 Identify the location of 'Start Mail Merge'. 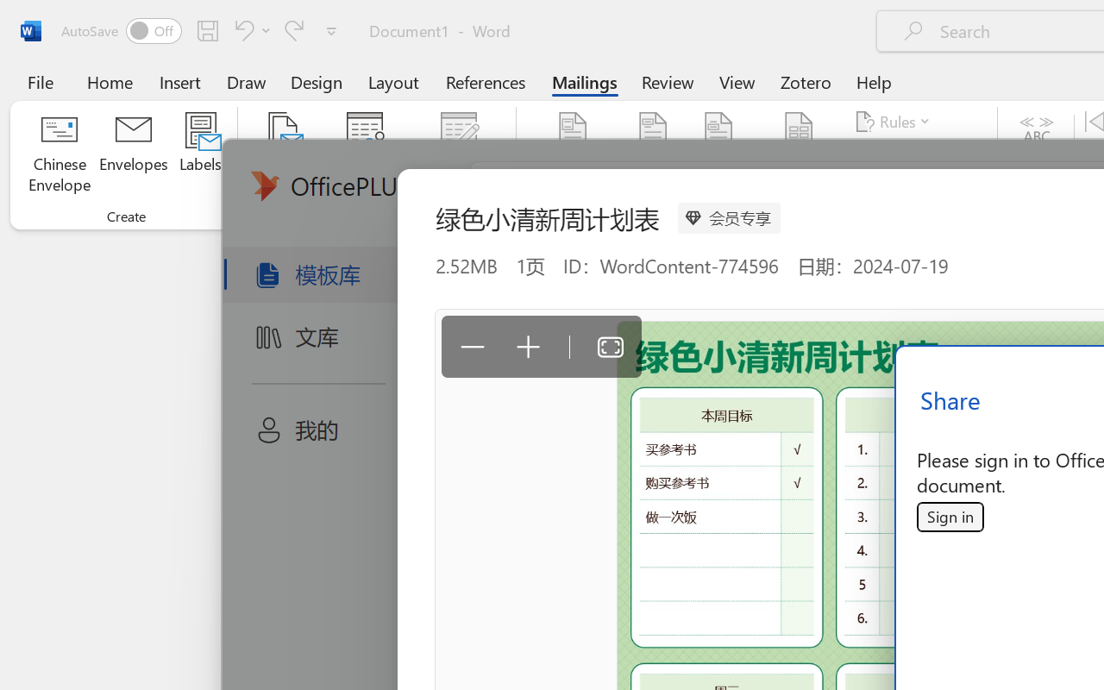
(283, 154).